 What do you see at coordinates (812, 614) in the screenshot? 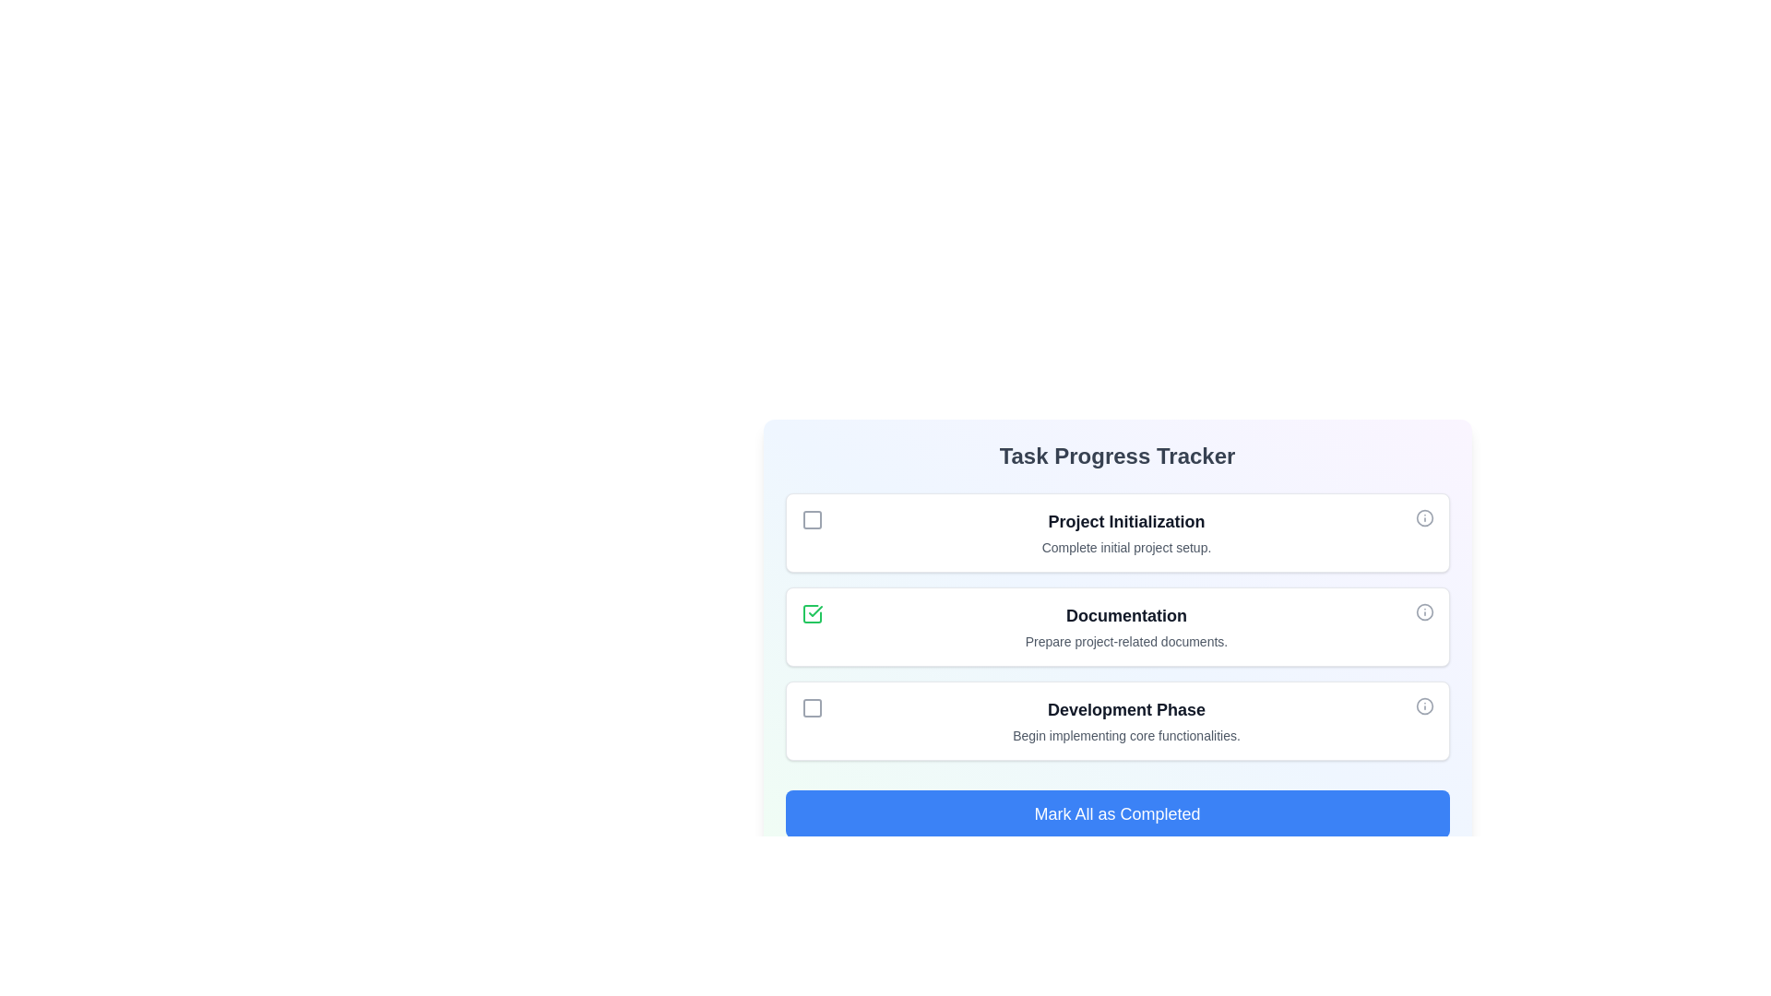
I see `the second checkbox in the vertical list of tasks` at bounding box center [812, 614].